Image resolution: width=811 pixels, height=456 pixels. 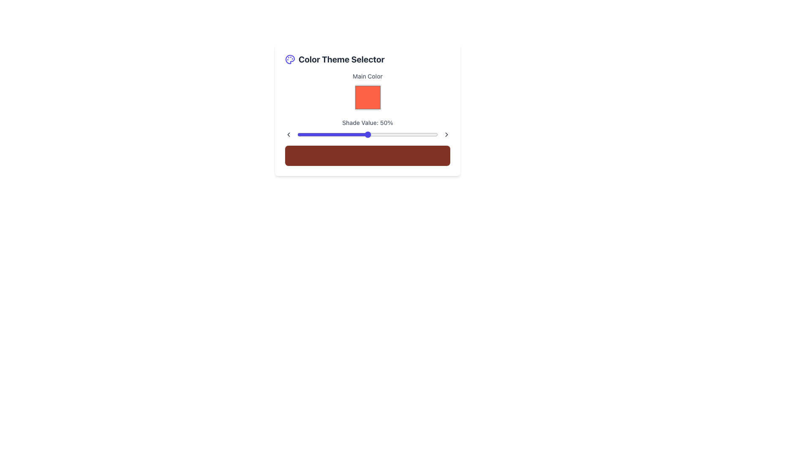 What do you see at coordinates (367, 109) in the screenshot?
I see `a color from the color preview box in the UI card designed for color selection and adjustment by clicking on it` at bounding box center [367, 109].